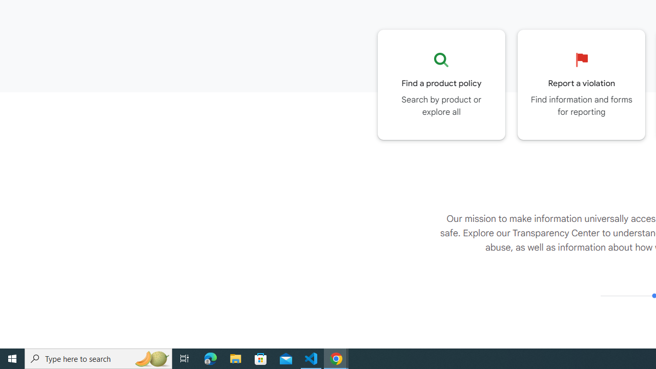 This screenshot has height=369, width=656. I want to click on 'Go to the Reporting and appeals page', so click(581, 84).